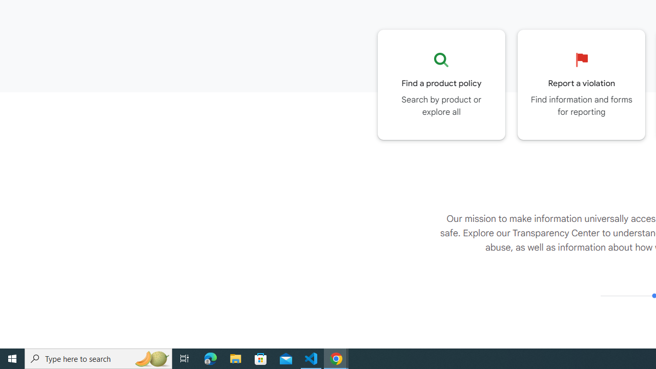 This screenshot has height=369, width=656. I want to click on 'Go to the Reporting and appeals page', so click(581, 84).